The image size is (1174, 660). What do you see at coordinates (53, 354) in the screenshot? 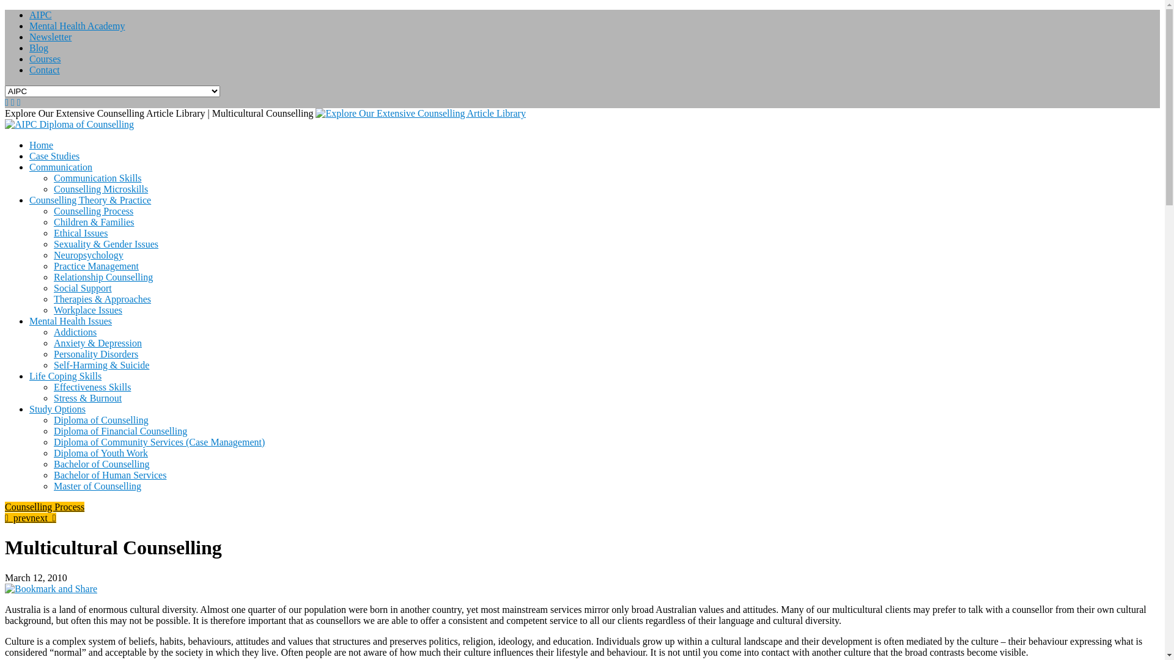
I see `'Personality Disorders'` at bounding box center [53, 354].